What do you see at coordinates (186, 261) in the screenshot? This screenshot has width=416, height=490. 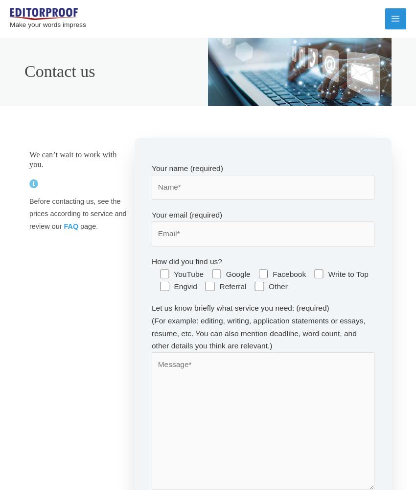 I see `'How did you find us?'` at bounding box center [186, 261].